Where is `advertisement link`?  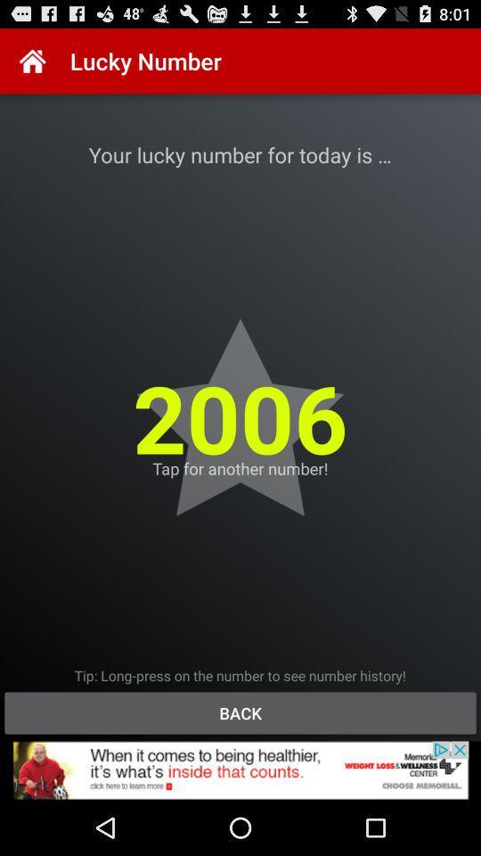
advertisement link is located at coordinates (240, 770).